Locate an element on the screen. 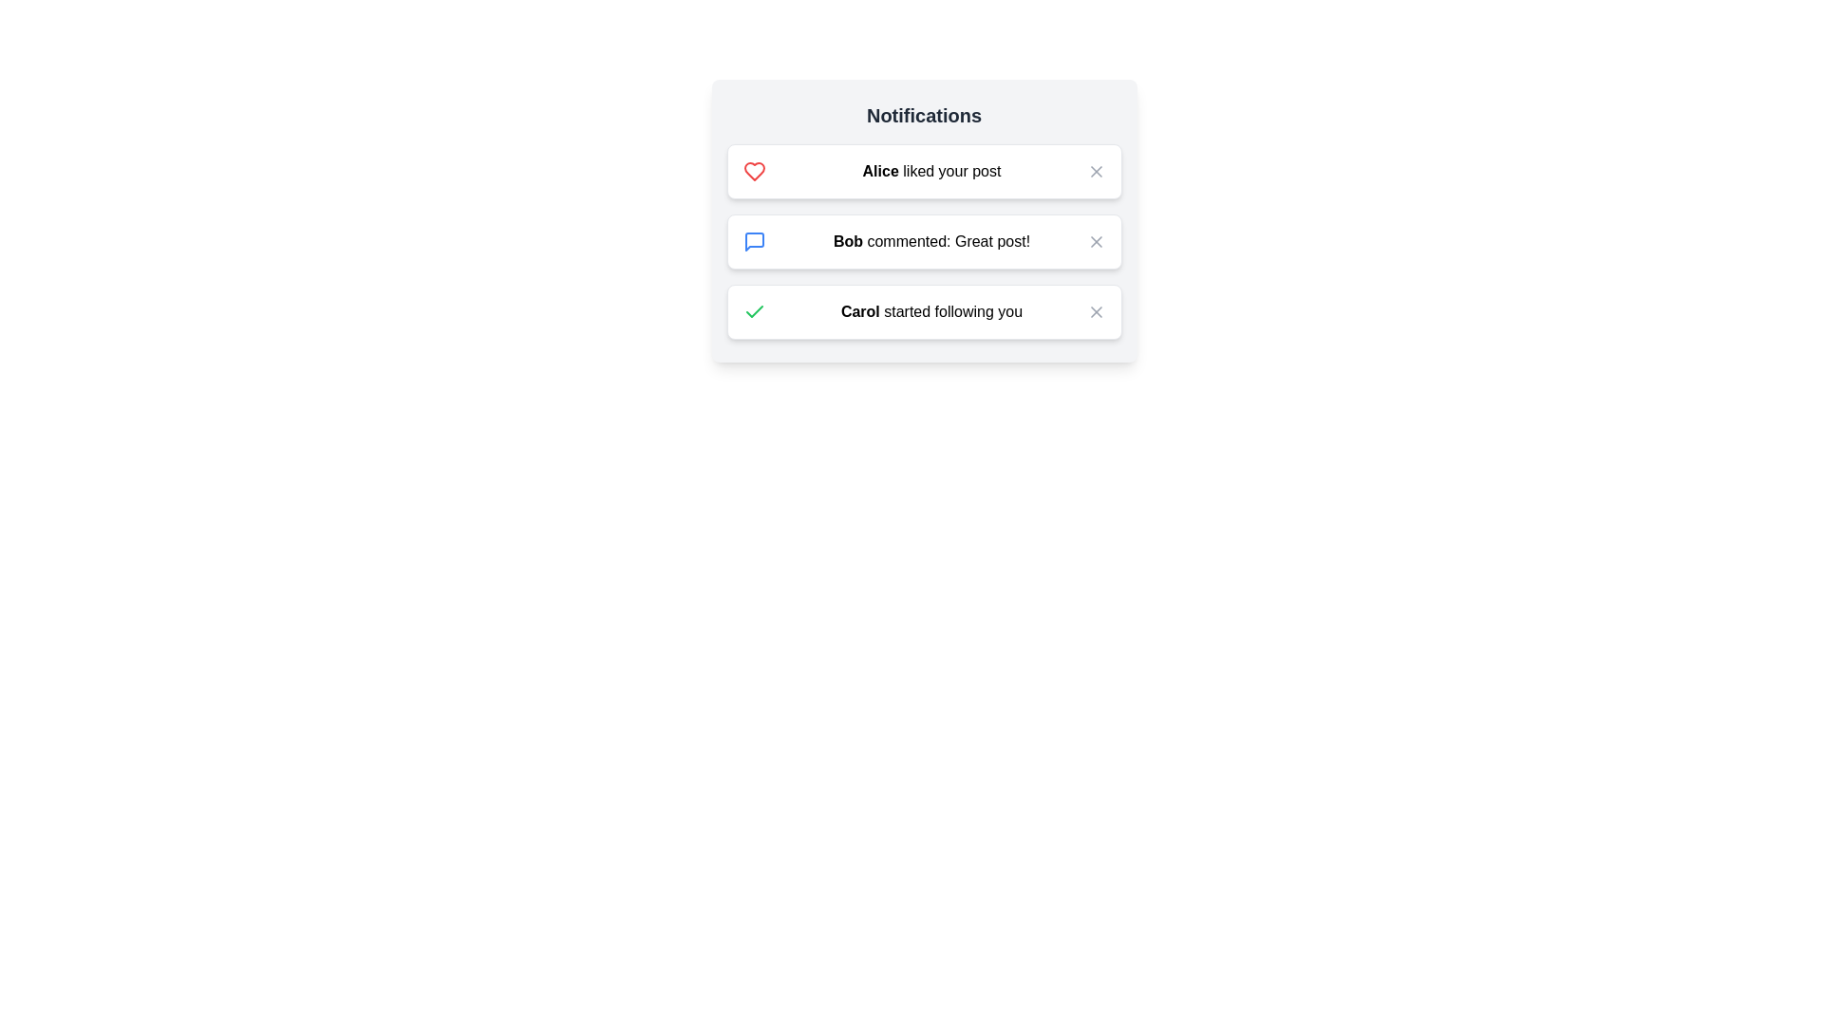 The width and height of the screenshot is (1823, 1025). the text display element that shows 'Carol started following you' in the notifications section is located at coordinates (931, 310).